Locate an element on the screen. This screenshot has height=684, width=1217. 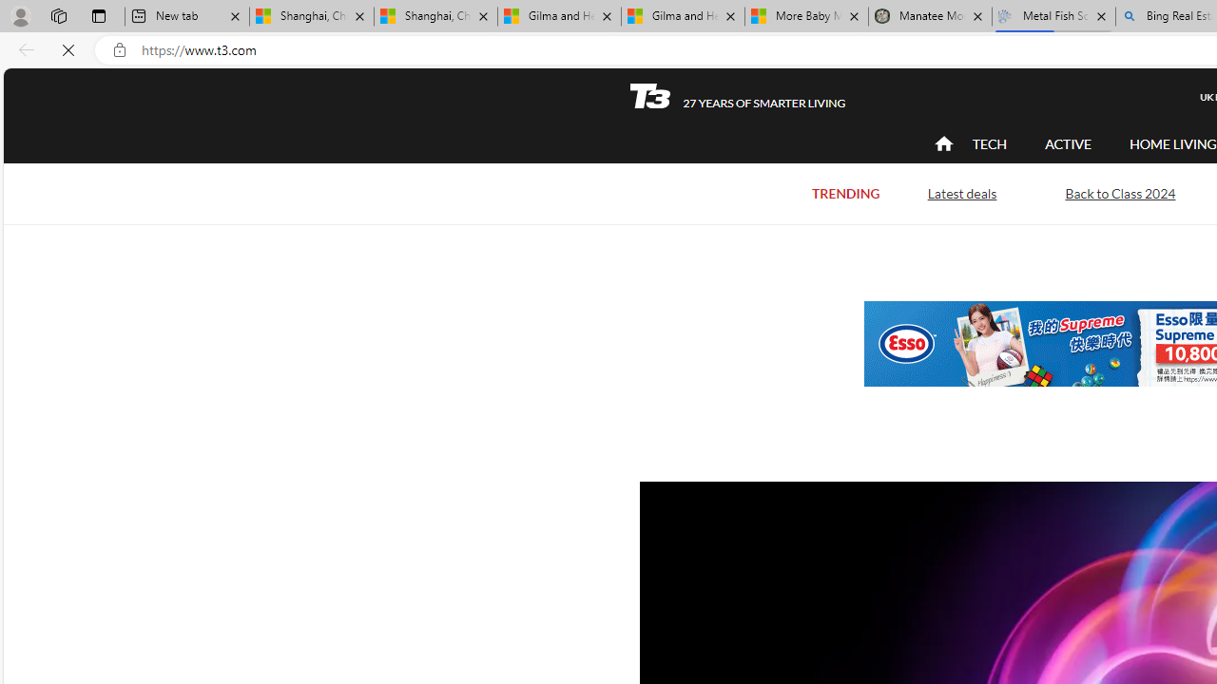
'home' is located at coordinates (943, 144).